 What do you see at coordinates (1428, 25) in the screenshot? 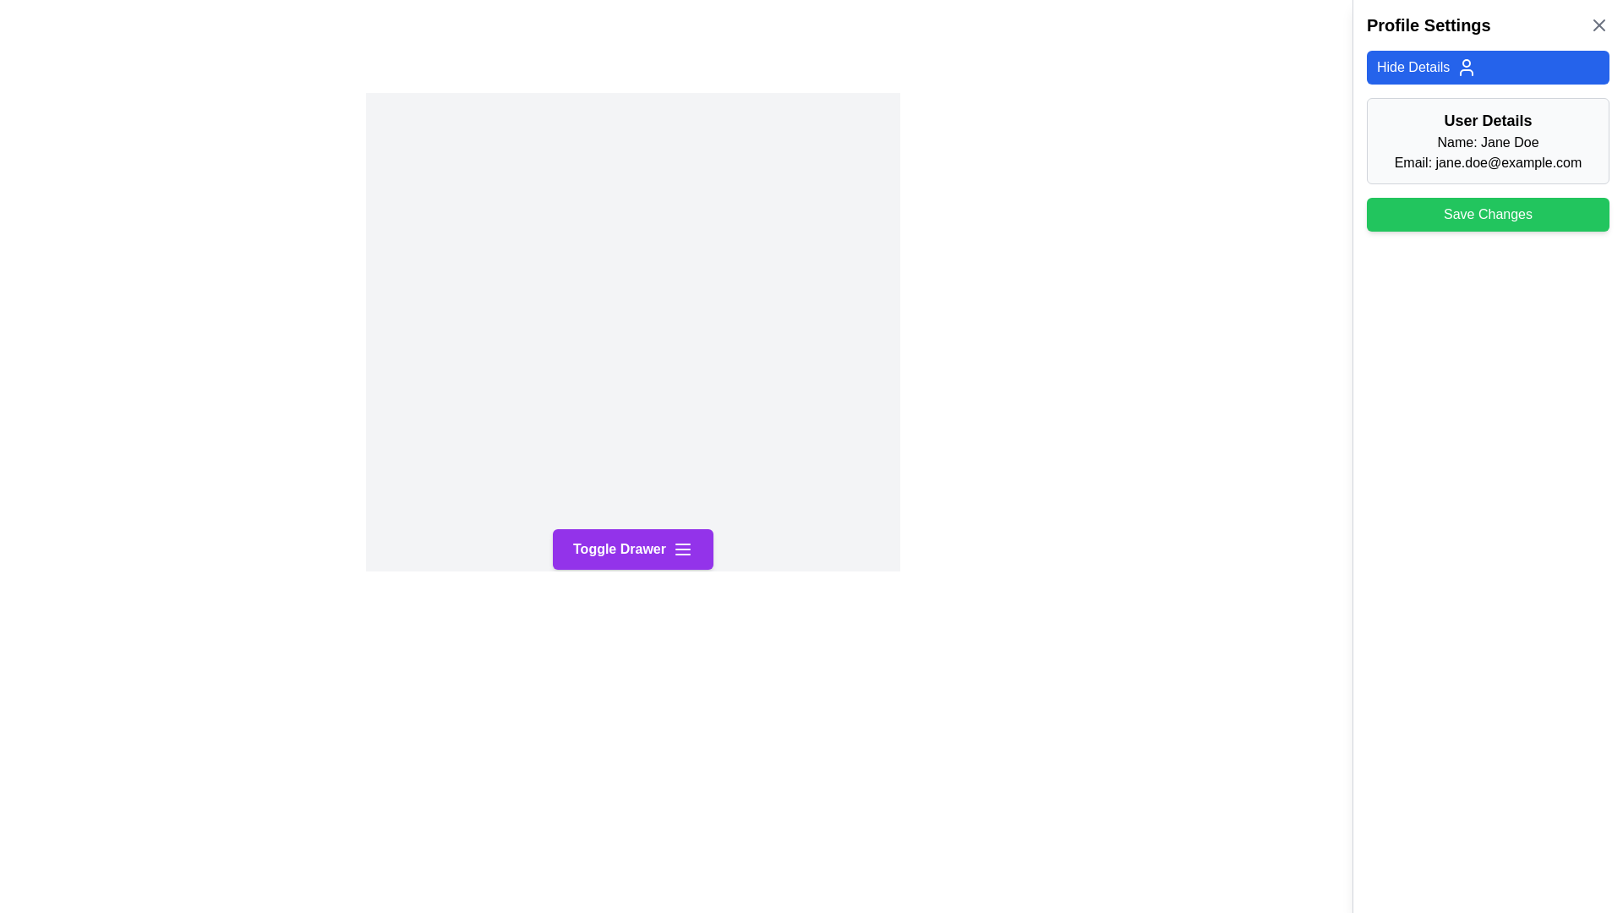
I see `the bold text label 'Profile Settings' which is prominently positioned at the top of the sidebar panel` at bounding box center [1428, 25].